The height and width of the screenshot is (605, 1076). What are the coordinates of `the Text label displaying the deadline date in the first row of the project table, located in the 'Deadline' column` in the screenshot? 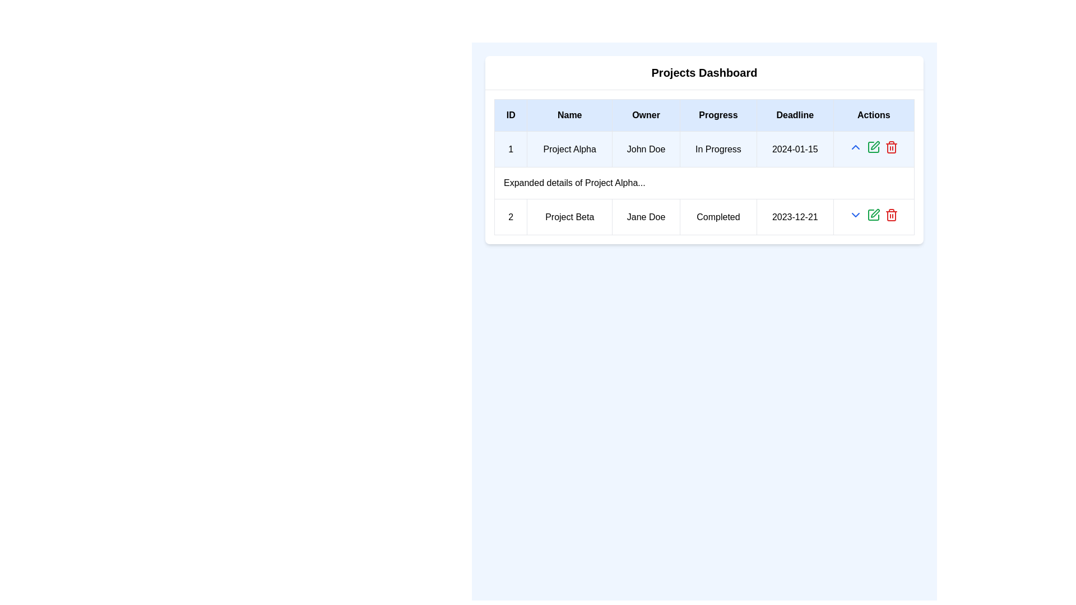 It's located at (794, 148).